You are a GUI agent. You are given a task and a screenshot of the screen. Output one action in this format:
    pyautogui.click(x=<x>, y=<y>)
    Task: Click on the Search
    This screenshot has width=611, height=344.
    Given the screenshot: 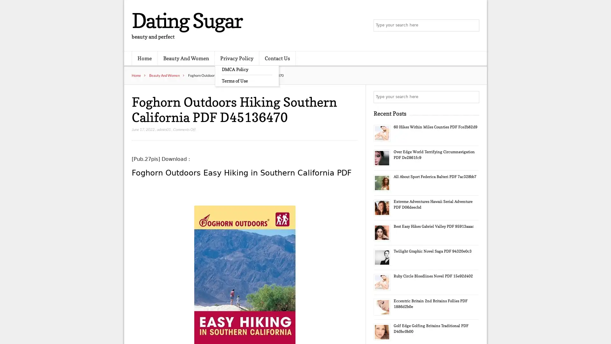 What is the action you would take?
    pyautogui.click(x=473, y=97)
    